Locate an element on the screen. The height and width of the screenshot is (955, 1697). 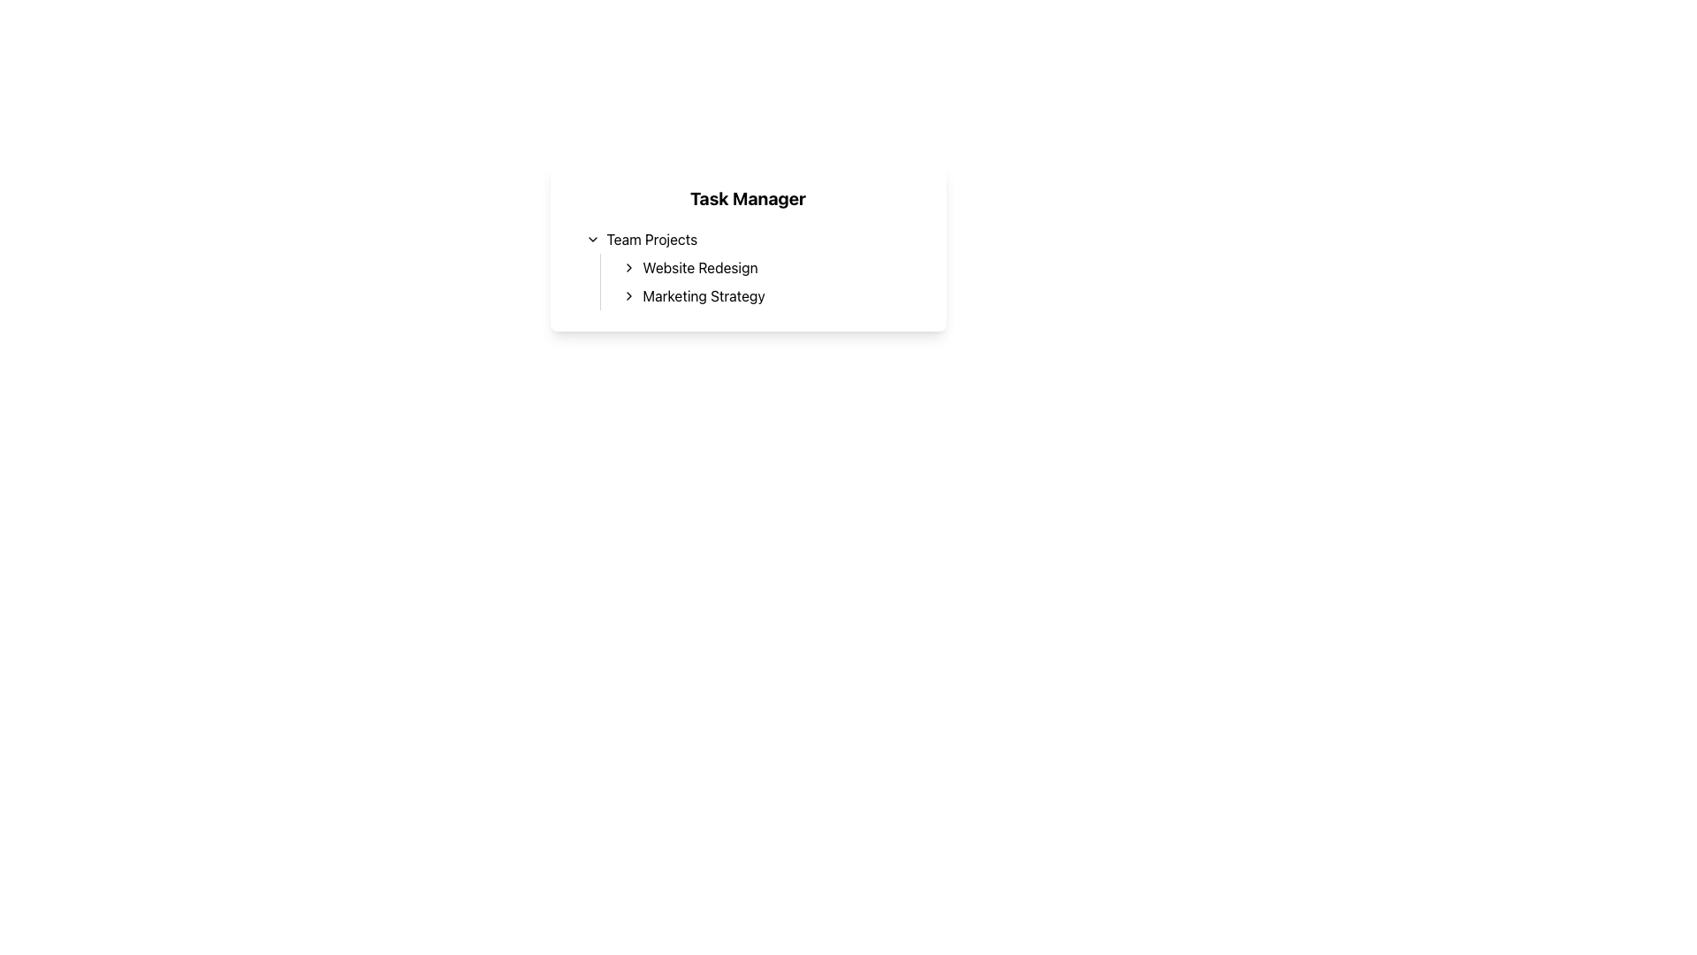
the chevron icon to the left of 'Marketing Strategy' in the Task Manager is located at coordinates (628, 295).